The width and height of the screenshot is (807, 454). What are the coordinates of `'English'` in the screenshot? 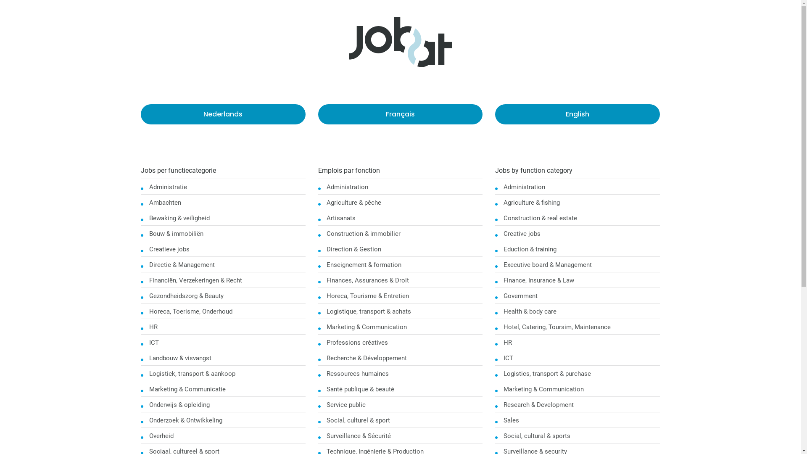 It's located at (577, 114).